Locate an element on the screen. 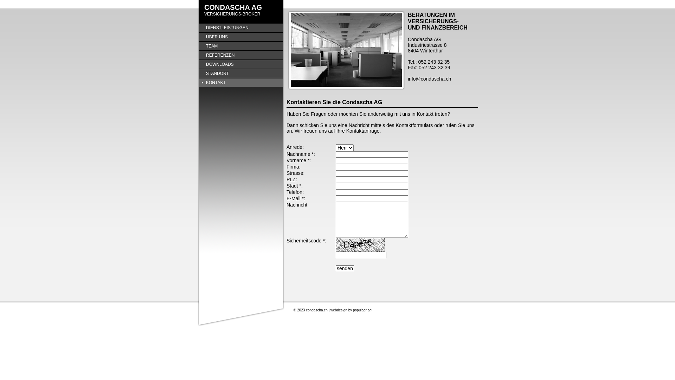  'TEAM' is located at coordinates (241, 46).